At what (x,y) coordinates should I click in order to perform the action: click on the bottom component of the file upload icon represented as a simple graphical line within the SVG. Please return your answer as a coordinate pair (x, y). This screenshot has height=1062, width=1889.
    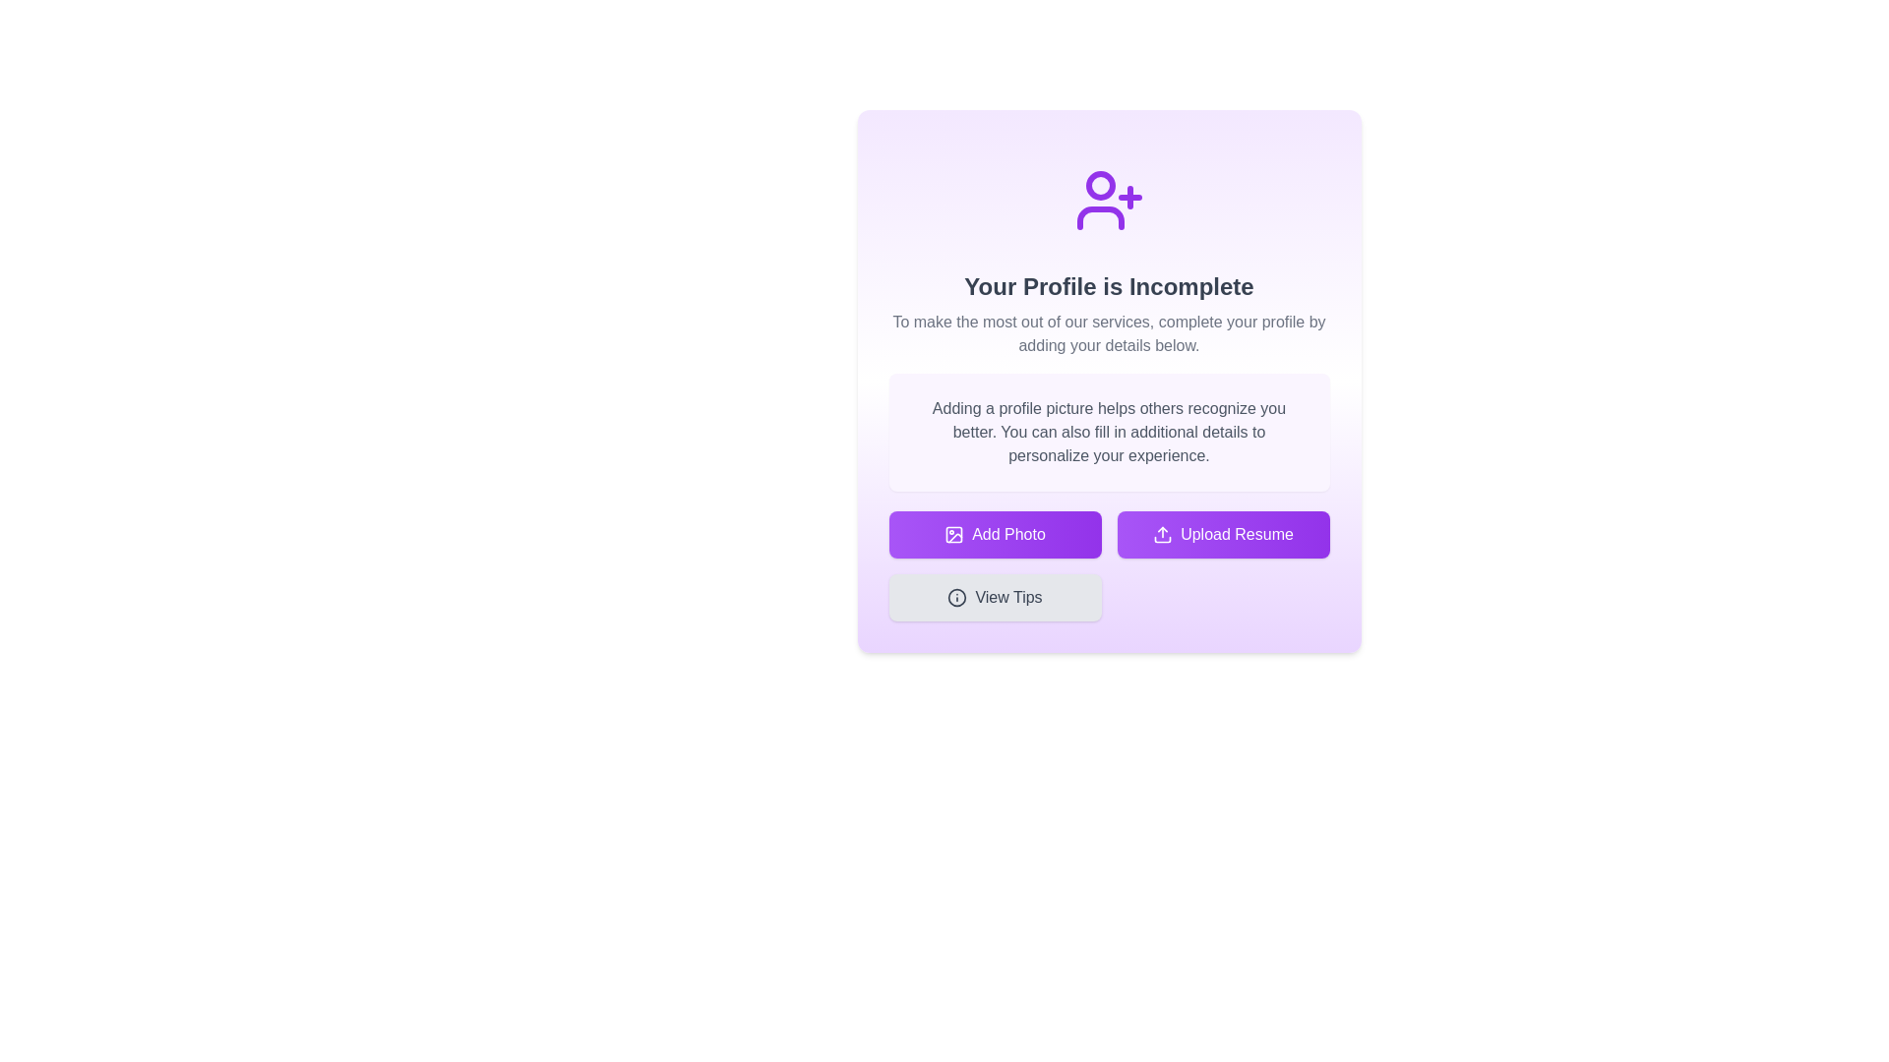
    Looking at the image, I should click on (1163, 539).